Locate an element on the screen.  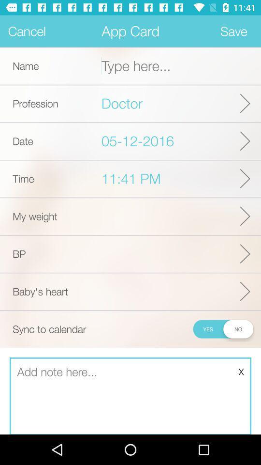
sync to calendar is located at coordinates (223, 329).